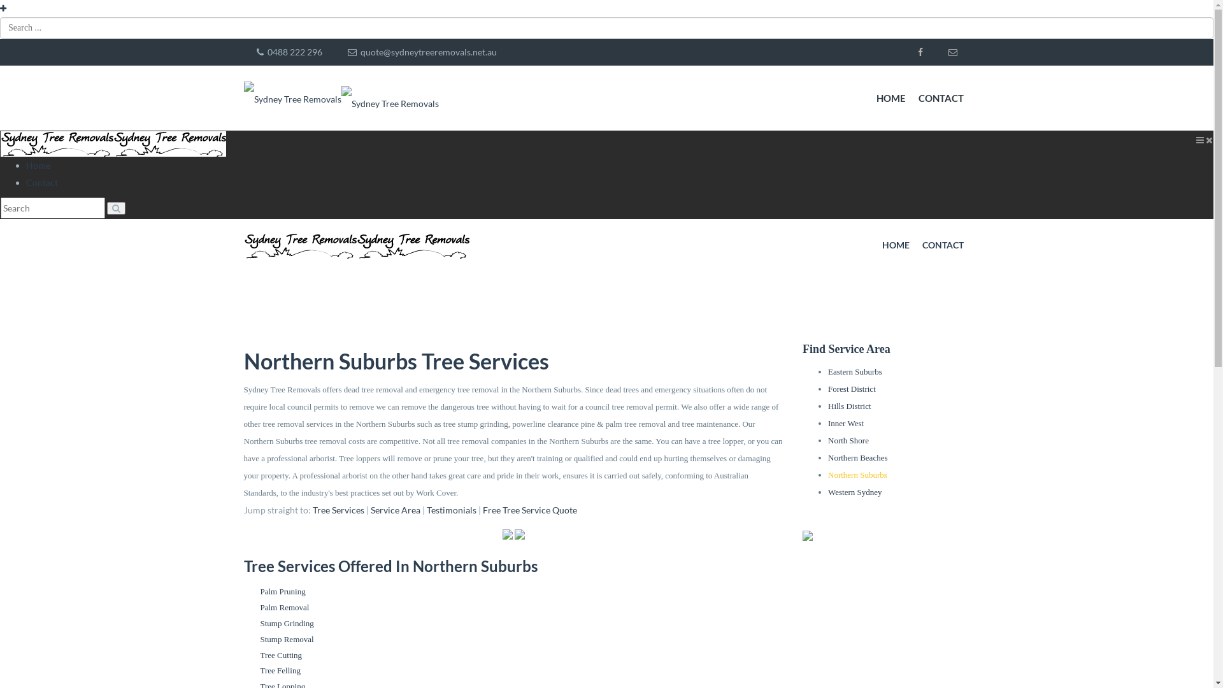 The image size is (1223, 688). What do you see at coordinates (855, 491) in the screenshot?
I see `'Western Sydney'` at bounding box center [855, 491].